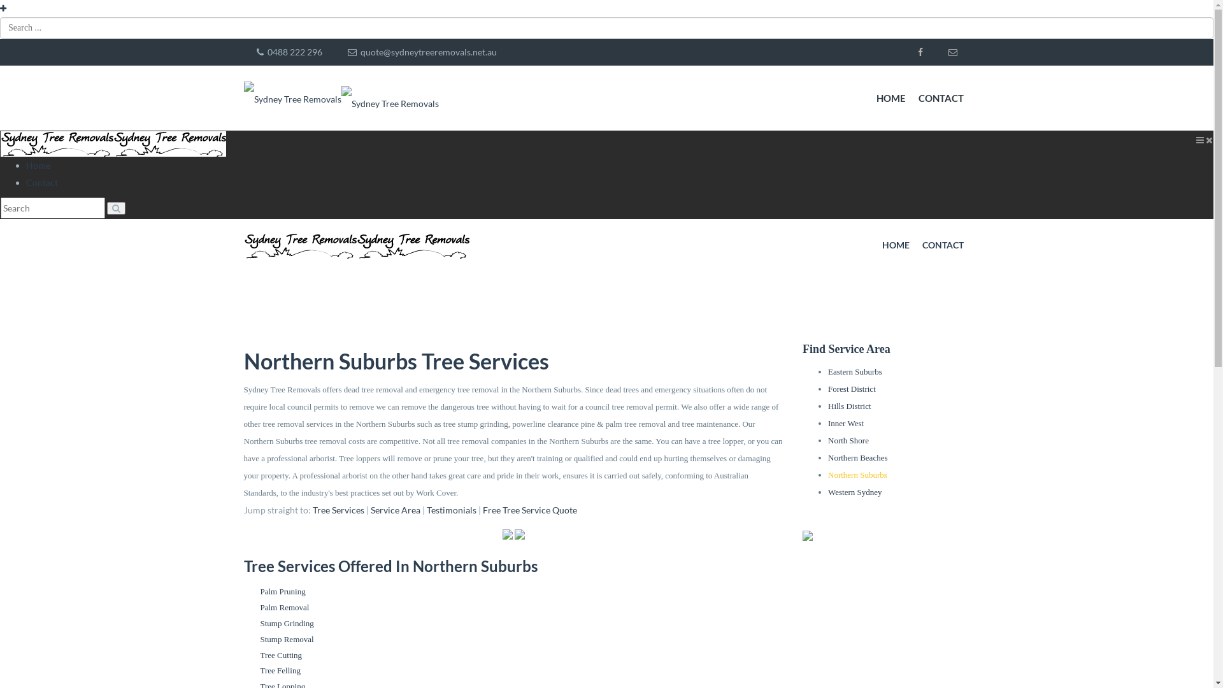 The image size is (1223, 688). What do you see at coordinates (855, 491) in the screenshot?
I see `'Western Sydney'` at bounding box center [855, 491].